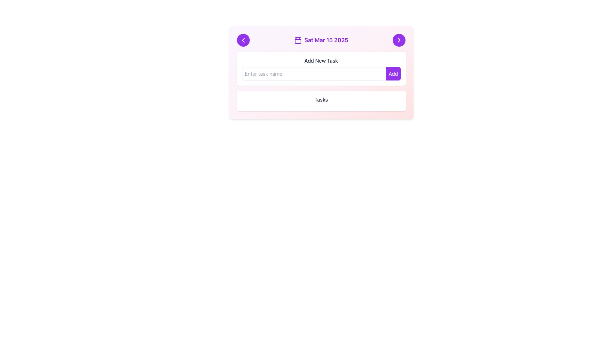 The image size is (614, 345). What do you see at coordinates (393, 73) in the screenshot?
I see `the purple 'Add' button with white text located in the 'Add New Task' section to change its color` at bounding box center [393, 73].